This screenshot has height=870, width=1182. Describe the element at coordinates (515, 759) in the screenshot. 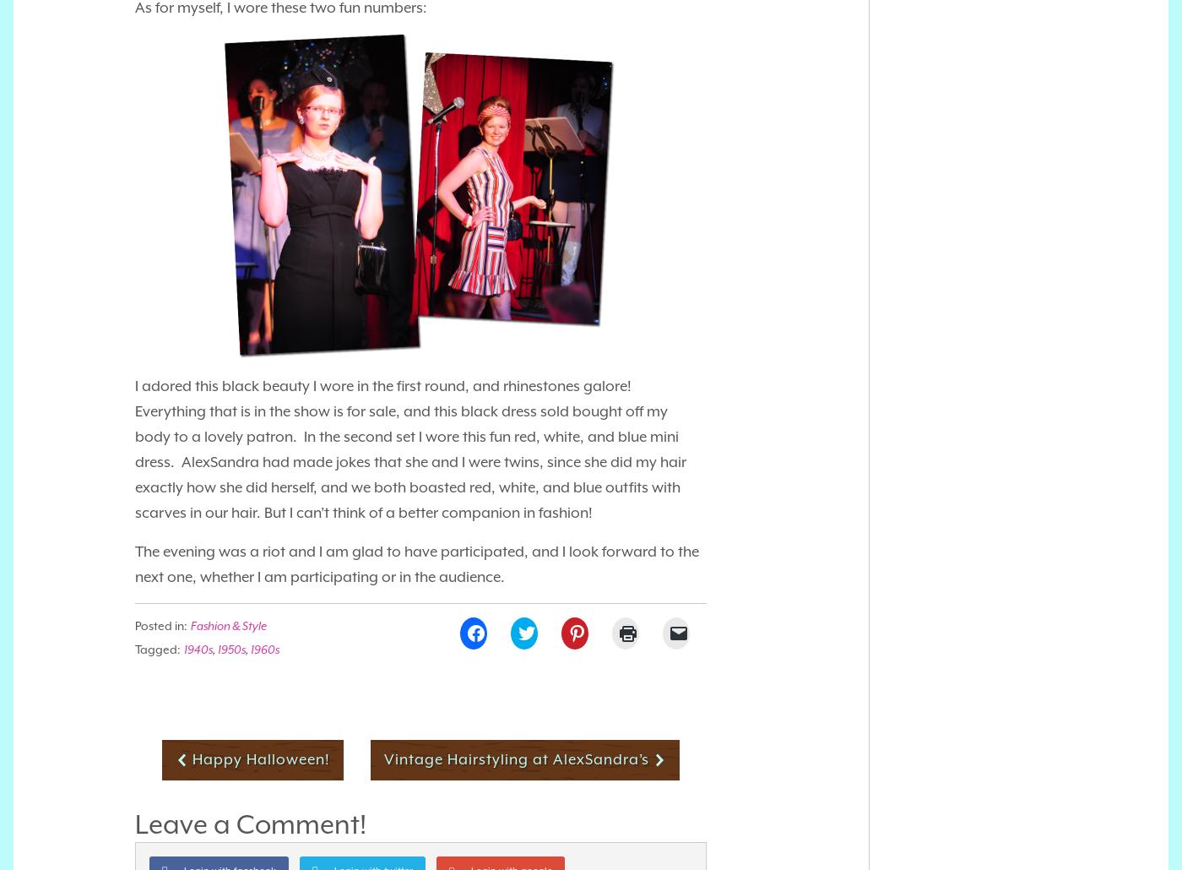

I see `'Vintage Hairstyling at AlexSandra’s'` at that location.